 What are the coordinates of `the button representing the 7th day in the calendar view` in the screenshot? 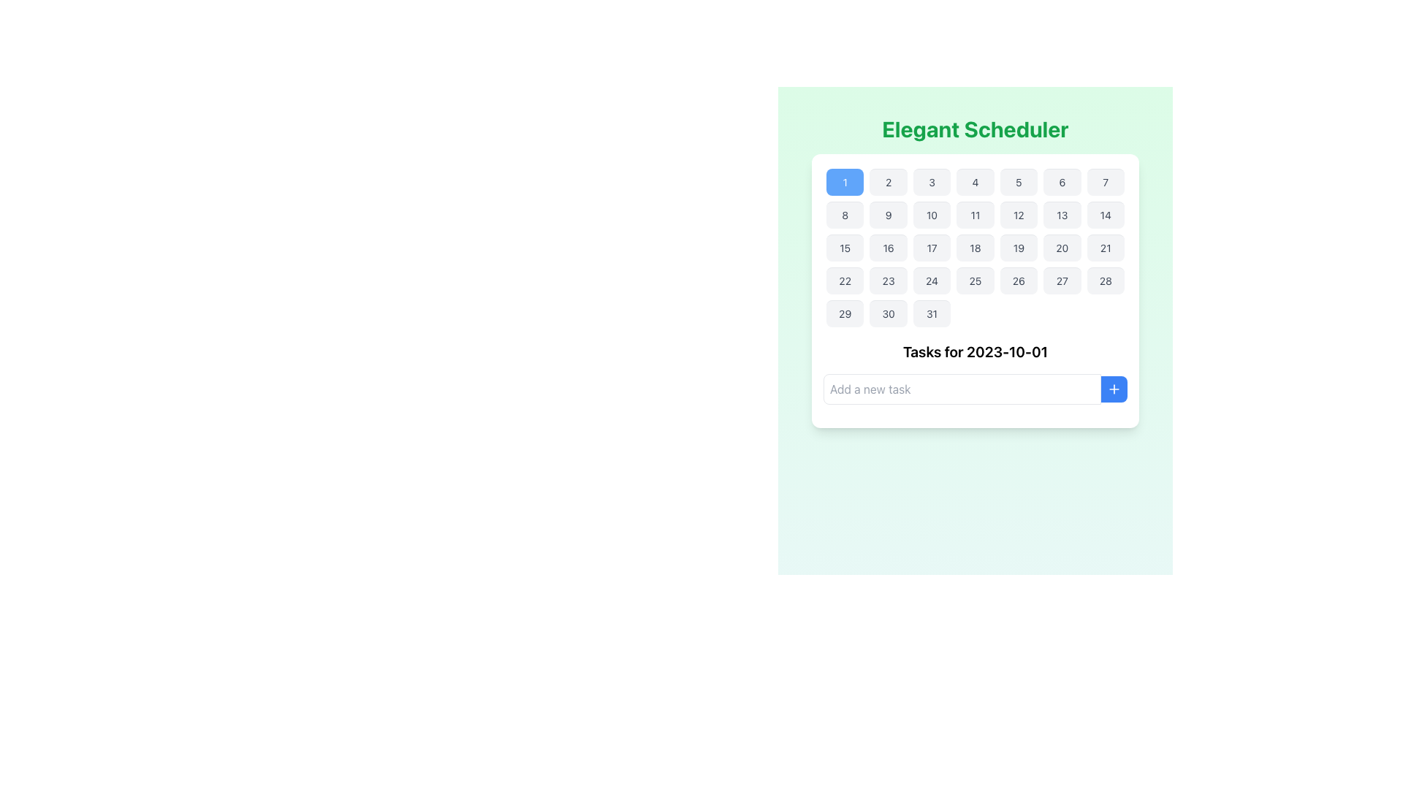 It's located at (1106, 181).